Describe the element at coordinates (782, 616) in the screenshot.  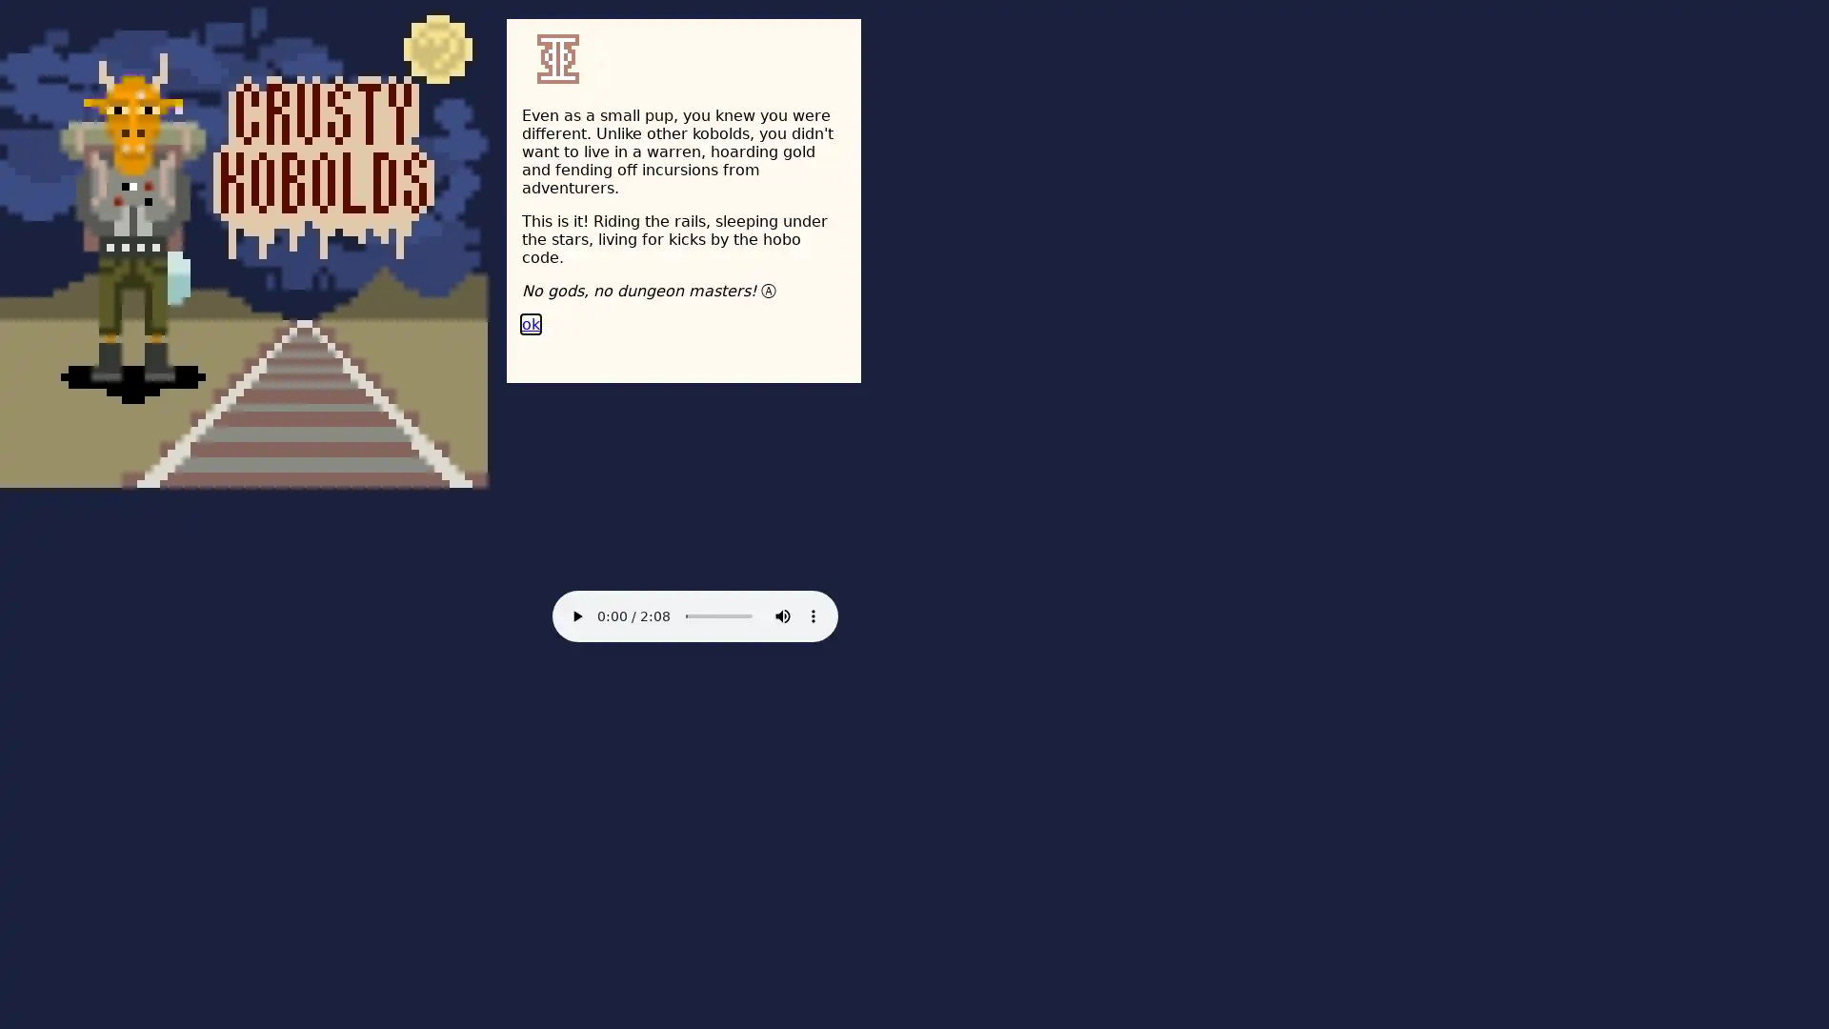
I see `mute` at that location.